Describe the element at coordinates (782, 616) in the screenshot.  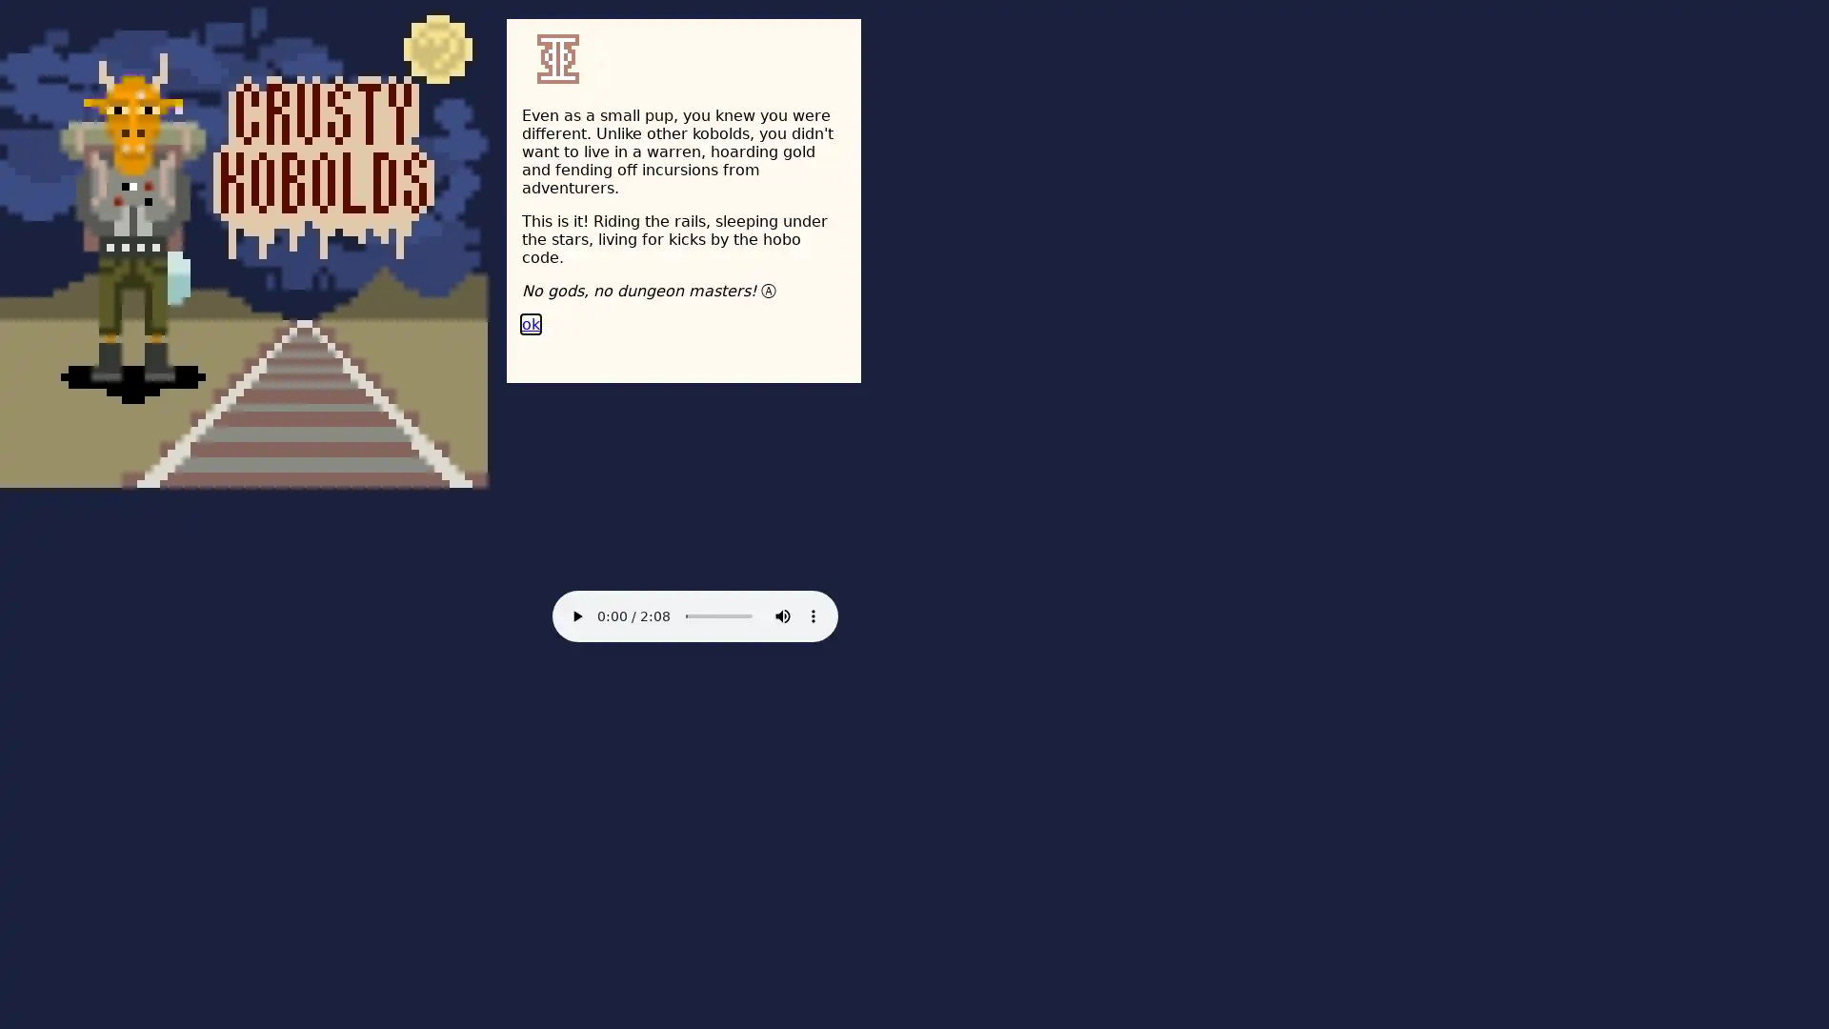
I see `mute` at that location.